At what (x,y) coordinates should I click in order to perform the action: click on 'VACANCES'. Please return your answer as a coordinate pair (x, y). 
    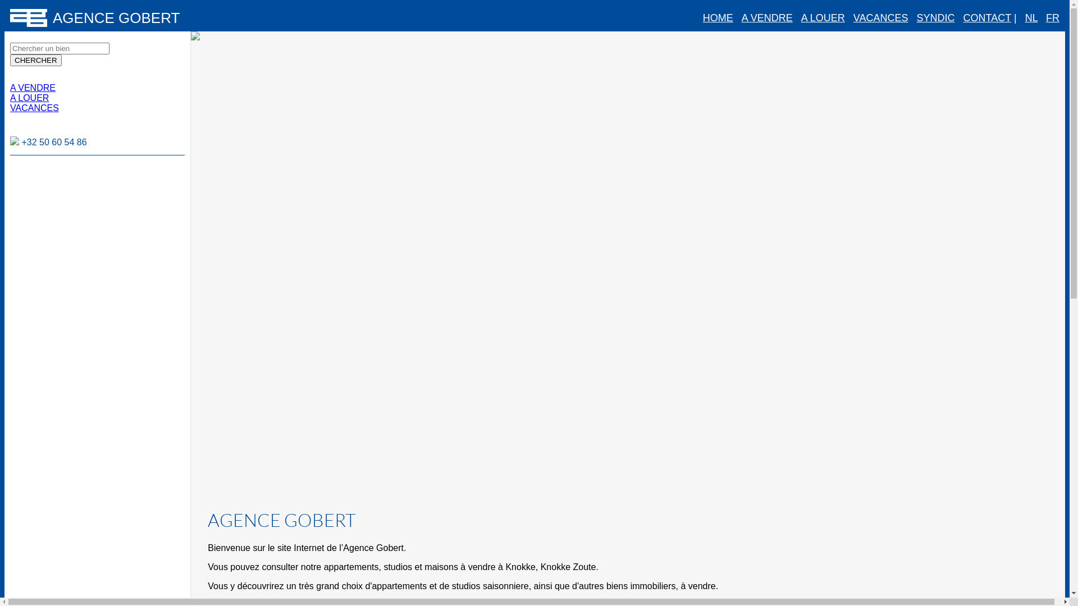
    Looking at the image, I should click on (34, 108).